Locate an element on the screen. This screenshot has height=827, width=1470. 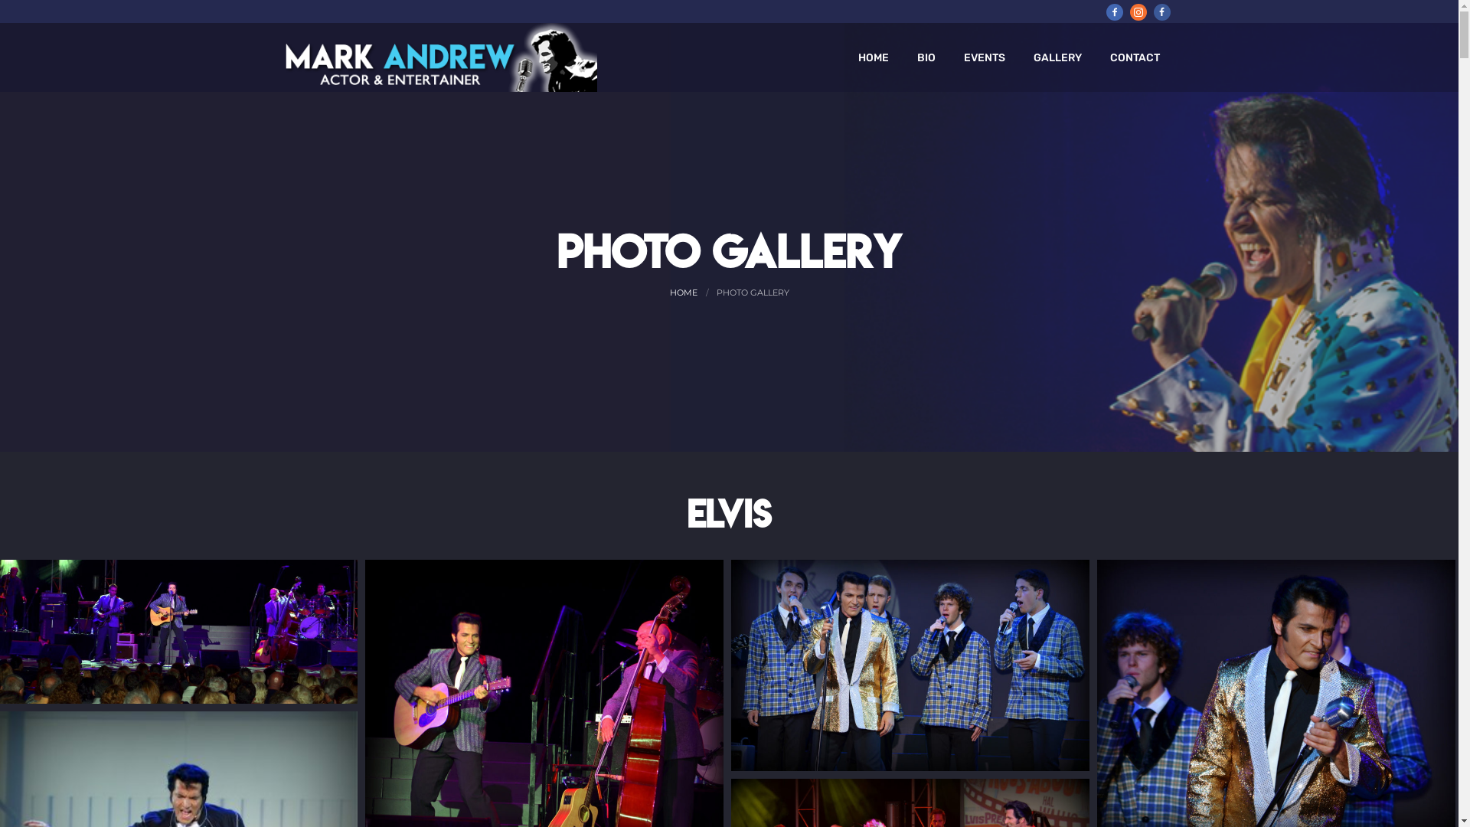
'Mark Andrew Instagram' is located at coordinates (1130, 11).